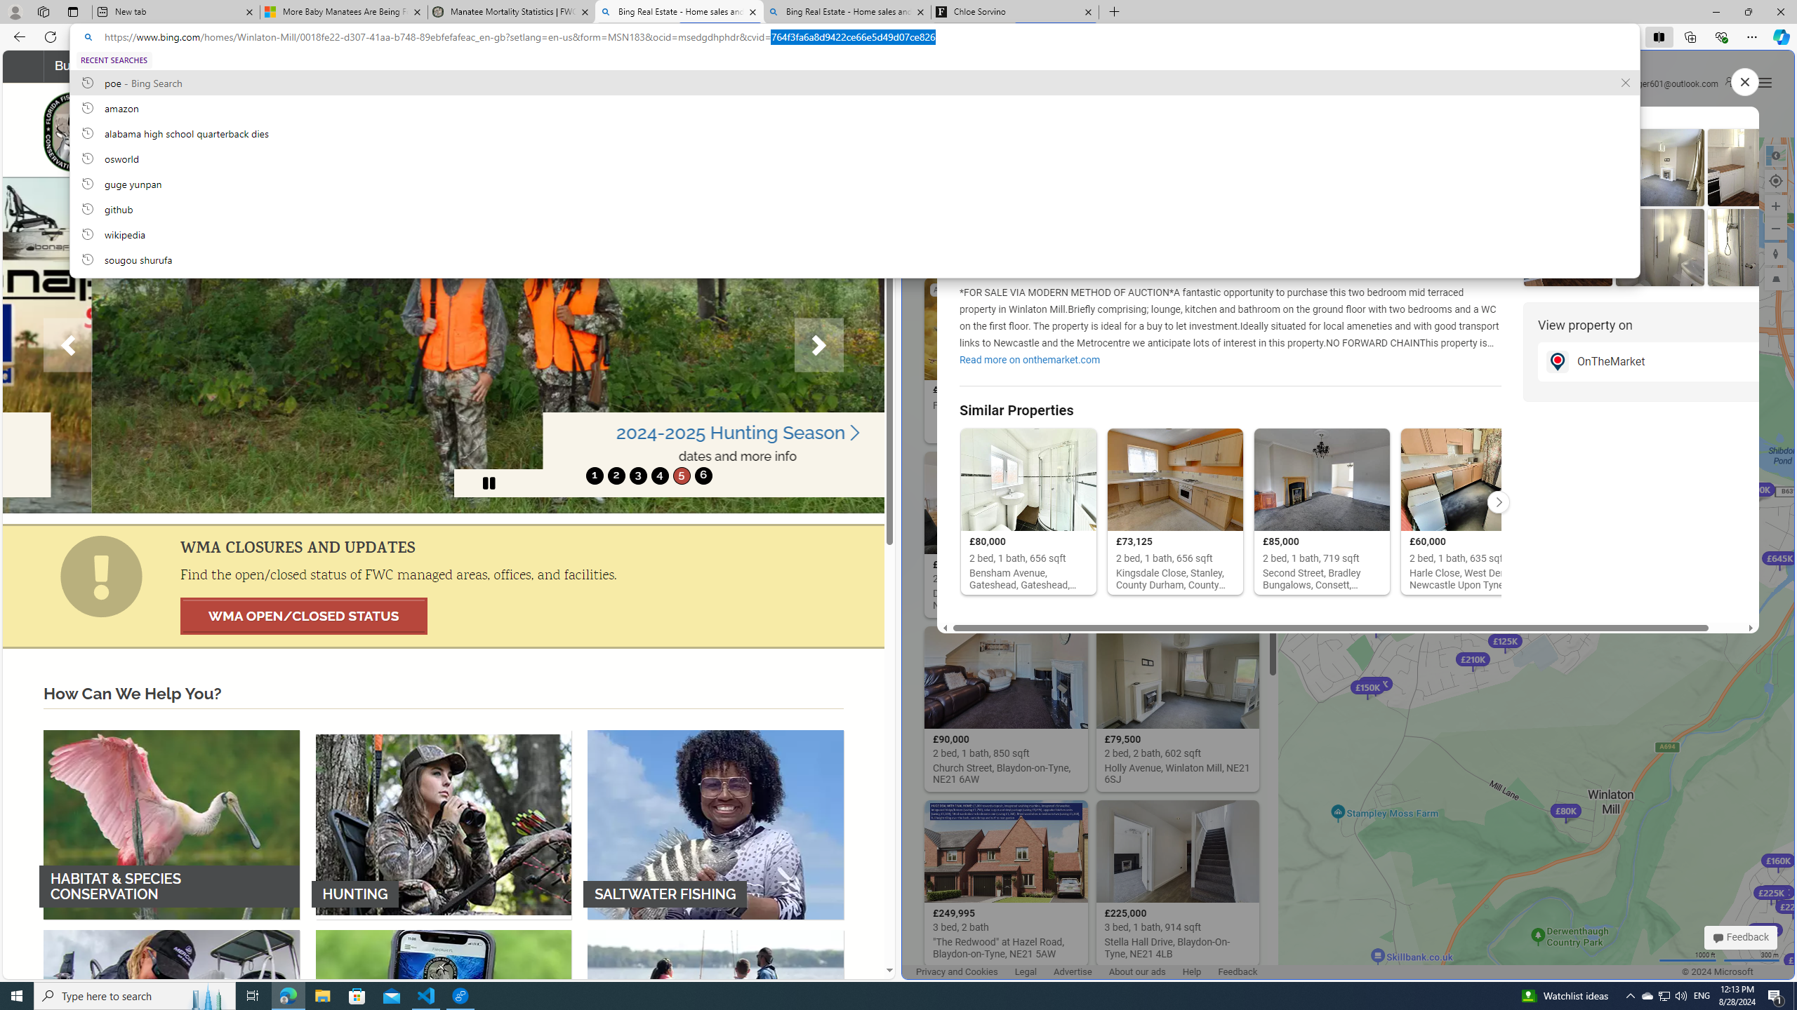 This screenshot has height=1010, width=1797. I want to click on 'move to slide 6', so click(701, 475).